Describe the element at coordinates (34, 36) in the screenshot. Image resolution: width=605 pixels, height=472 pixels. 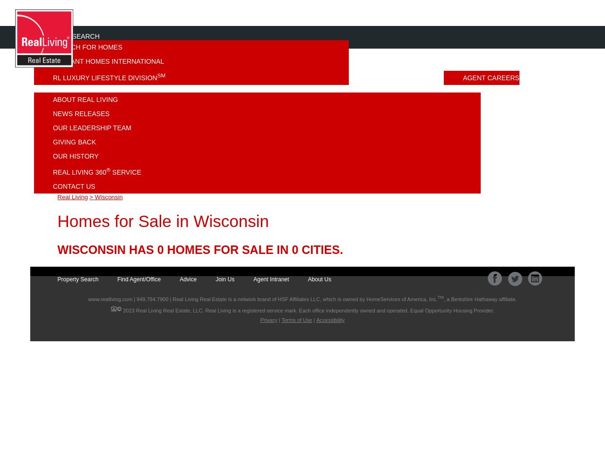
I see `'PROPERTY SEARCH'` at that location.